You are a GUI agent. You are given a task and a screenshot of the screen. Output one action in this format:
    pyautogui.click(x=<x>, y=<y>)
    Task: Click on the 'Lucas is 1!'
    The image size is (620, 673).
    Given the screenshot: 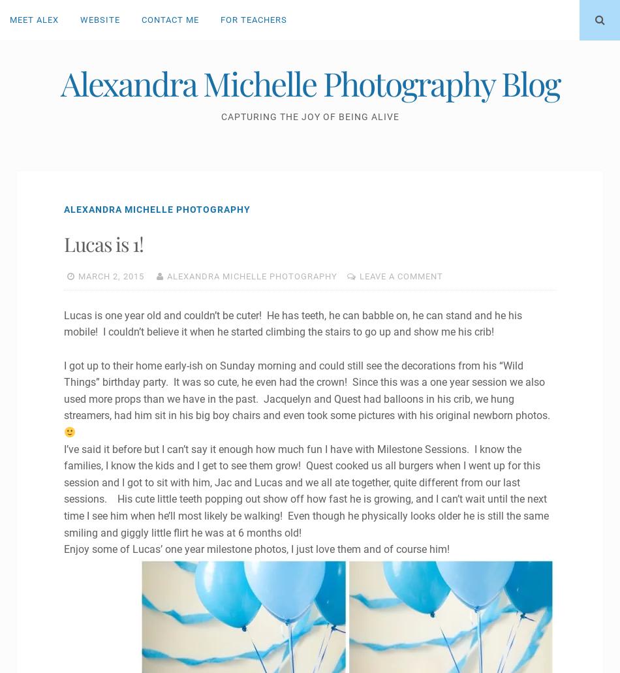 What is the action you would take?
    pyautogui.click(x=102, y=243)
    